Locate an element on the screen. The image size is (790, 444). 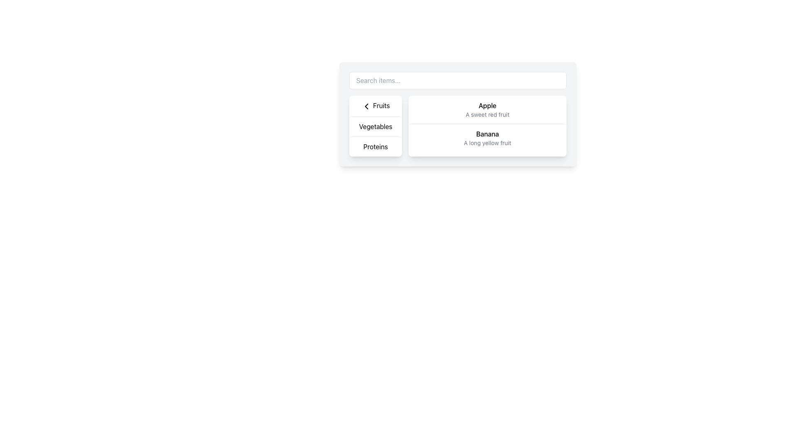
the list item displaying 'Apple' is located at coordinates (488, 109).